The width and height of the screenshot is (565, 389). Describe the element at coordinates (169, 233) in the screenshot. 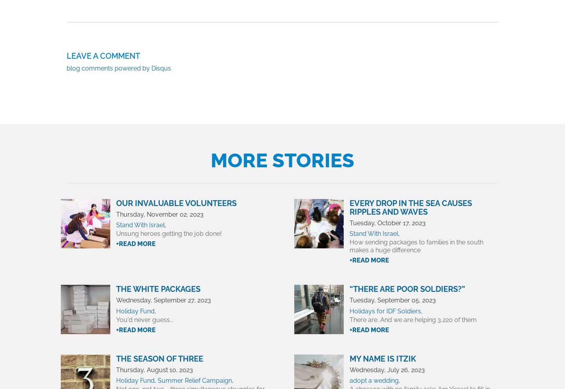

I see `'Unsung heroes getting the job done!'` at that location.